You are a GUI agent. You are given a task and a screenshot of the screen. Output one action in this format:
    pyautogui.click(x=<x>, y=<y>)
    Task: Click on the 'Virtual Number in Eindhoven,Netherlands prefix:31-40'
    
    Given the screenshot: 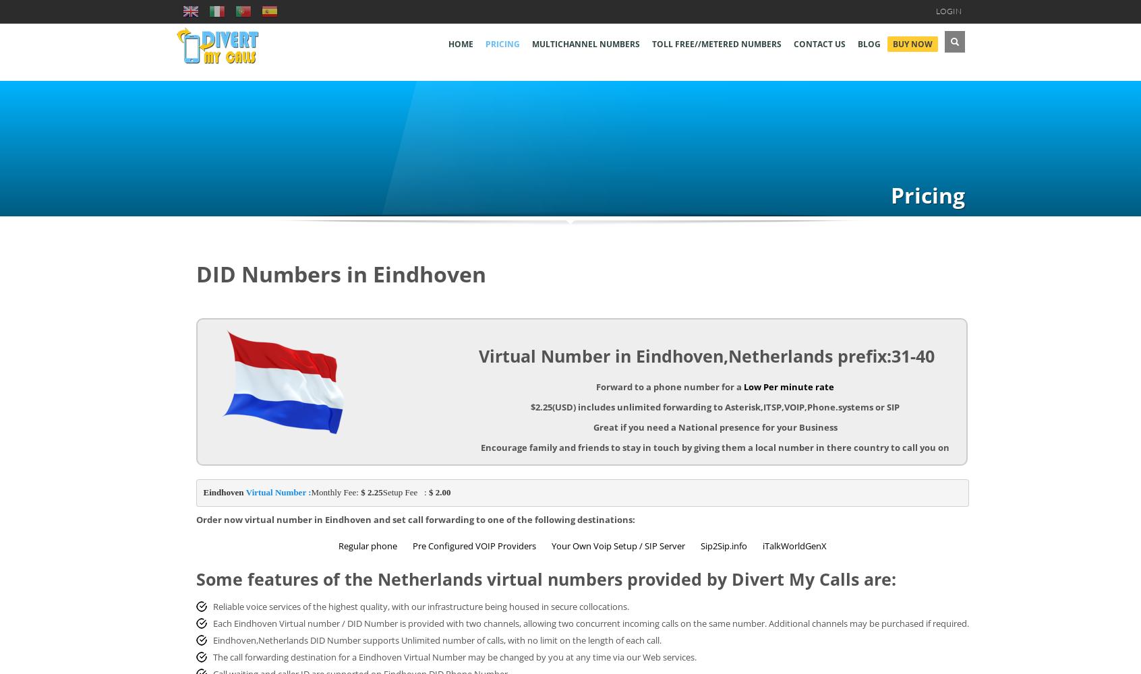 What is the action you would take?
    pyautogui.click(x=706, y=355)
    